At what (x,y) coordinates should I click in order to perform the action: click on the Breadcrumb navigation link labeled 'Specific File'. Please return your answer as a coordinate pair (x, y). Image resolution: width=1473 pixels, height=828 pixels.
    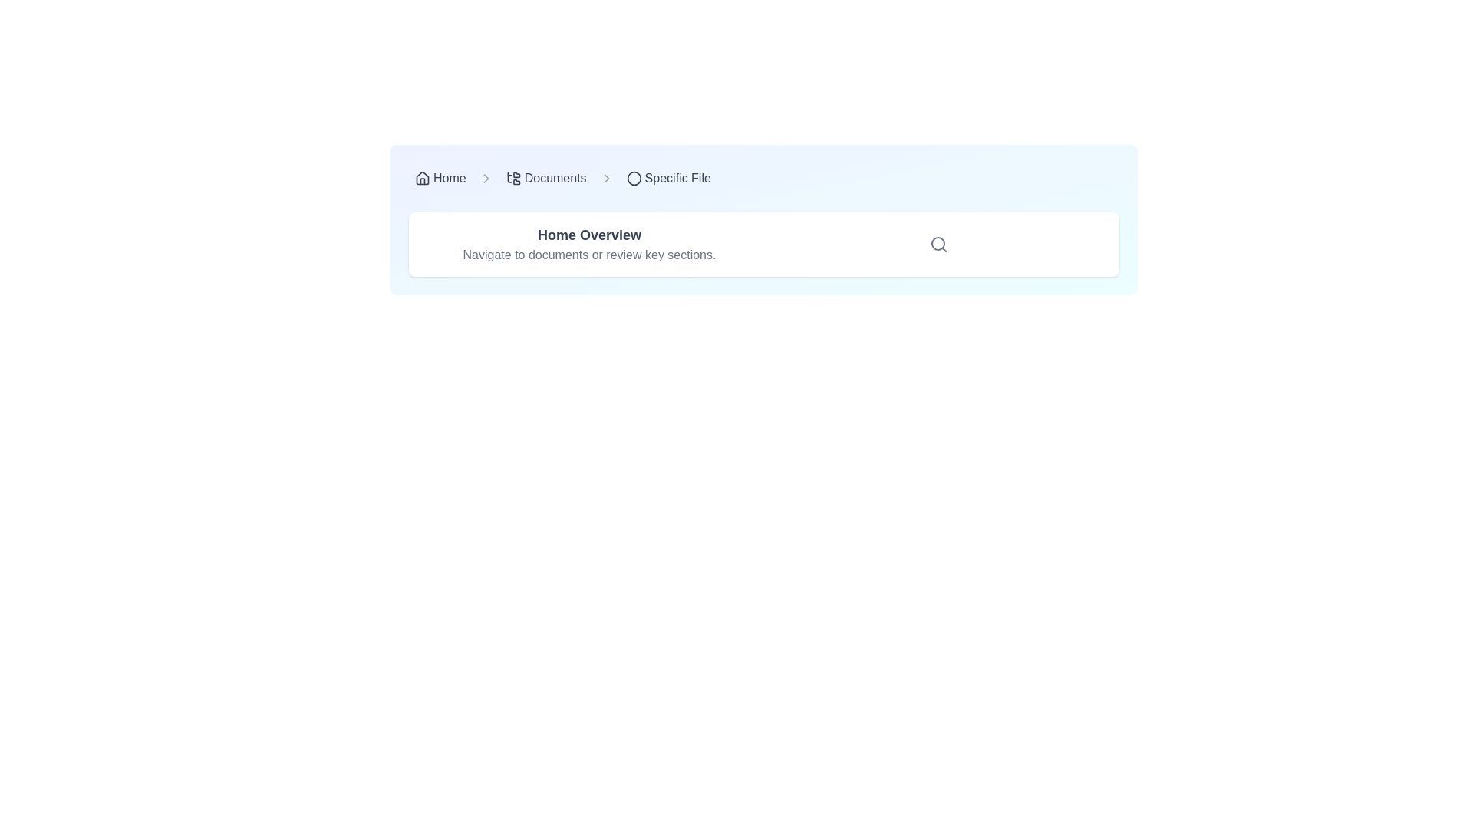
    Looking at the image, I should click on (668, 177).